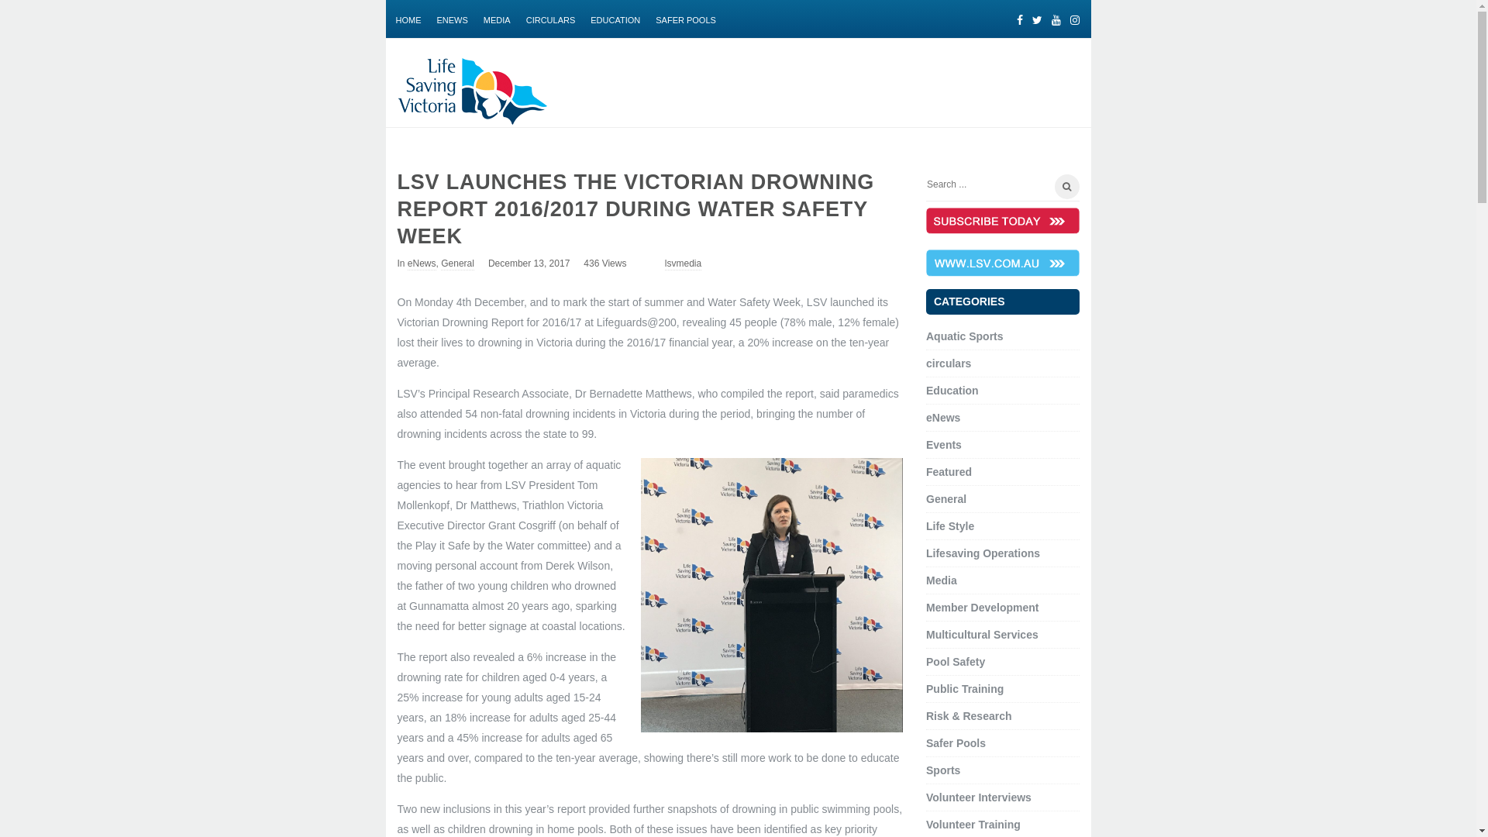 The height and width of the screenshot is (837, 1488). What do you see at coordinates (942, 770) in the screenshot?
I see `'Sports'` at bounding box center [942, 770].